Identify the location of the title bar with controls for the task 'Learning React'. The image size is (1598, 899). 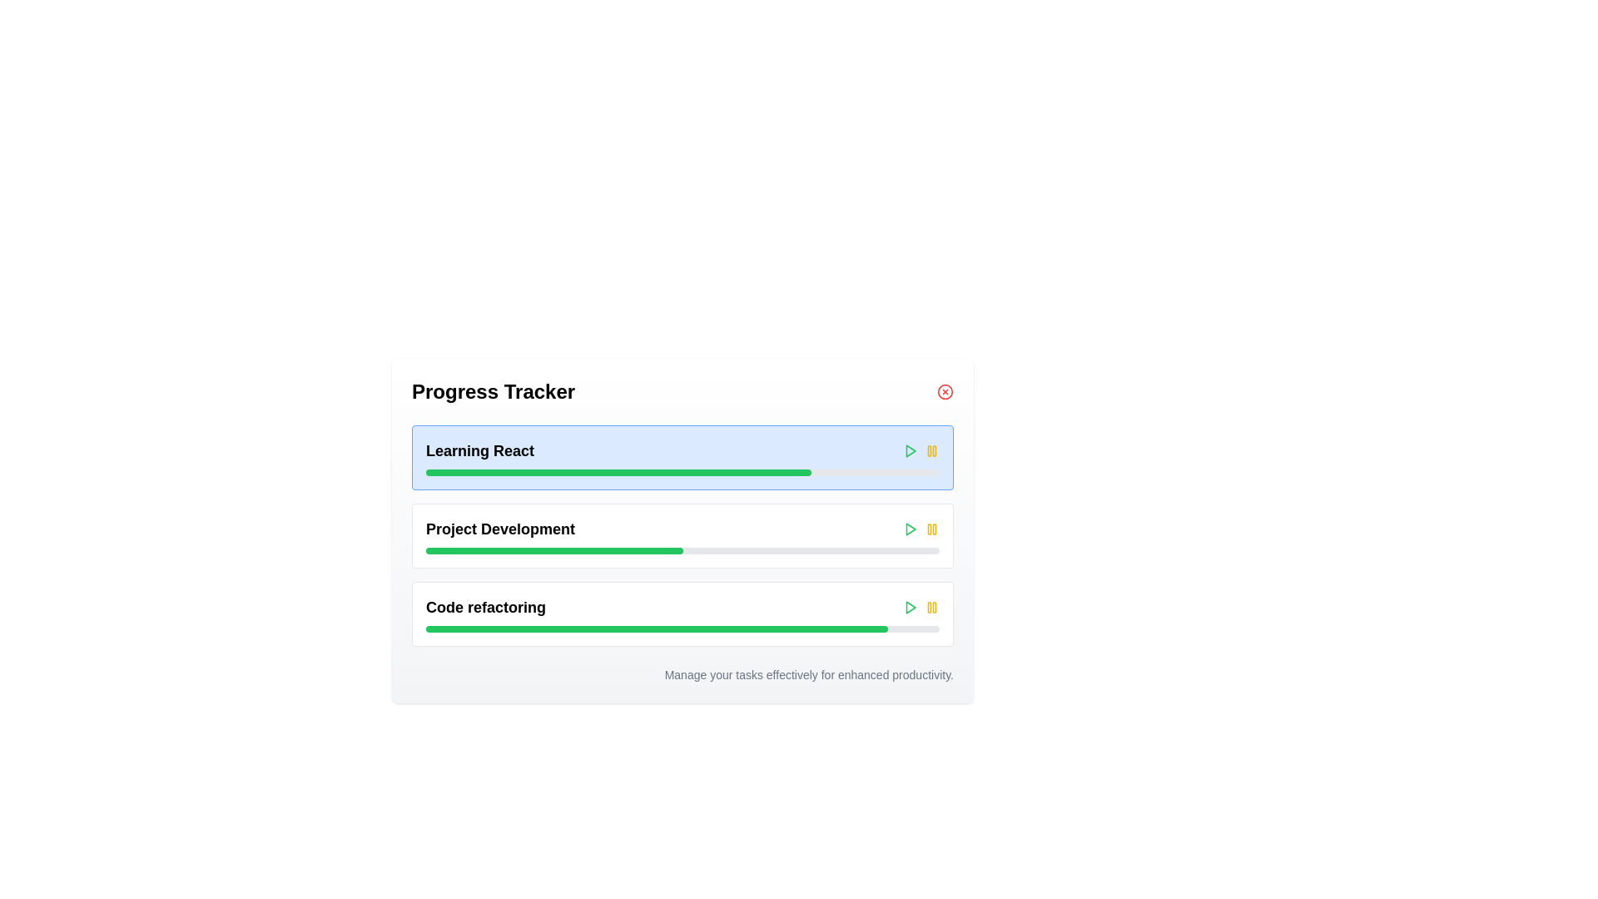
(682, 451).